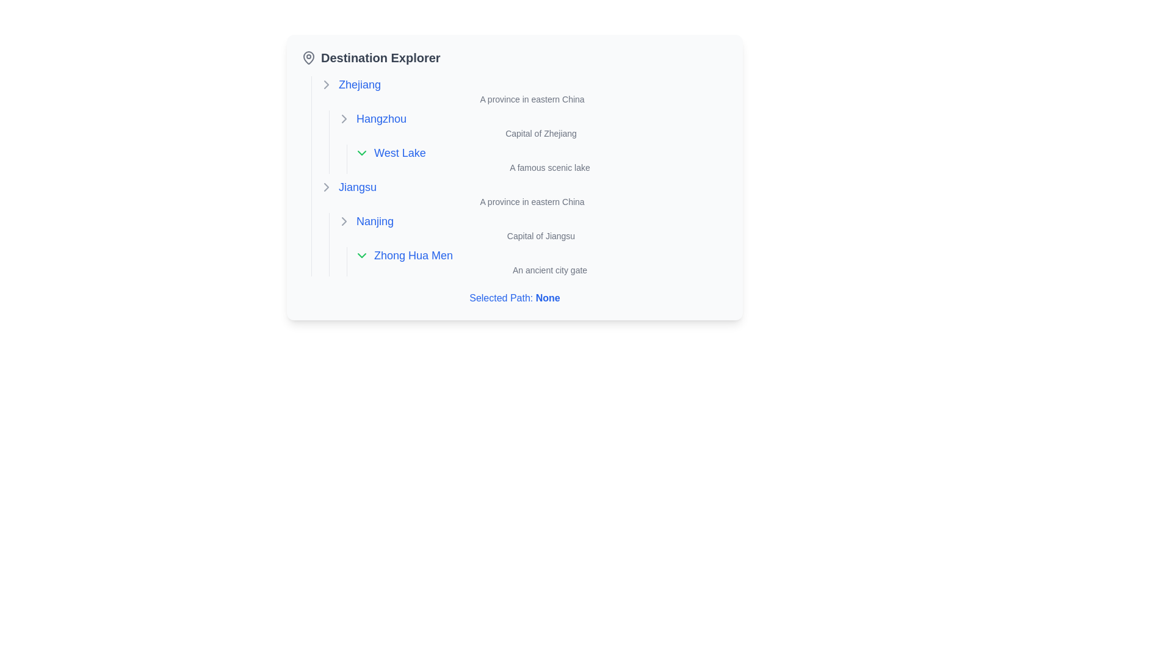  Describe the element at coordinates (308, 58) in the screenshot. I see `the non-interactive icon representing the 'Destination Explorer' section, located to the left of the 'Destination Explorer' title` at that location.